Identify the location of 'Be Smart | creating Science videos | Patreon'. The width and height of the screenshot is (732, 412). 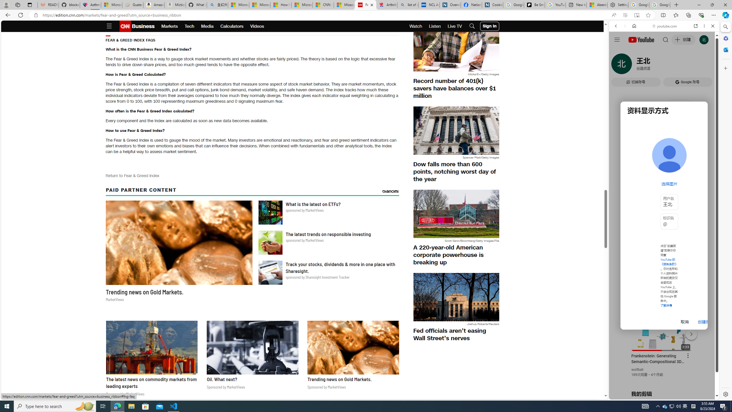
(534, 5).